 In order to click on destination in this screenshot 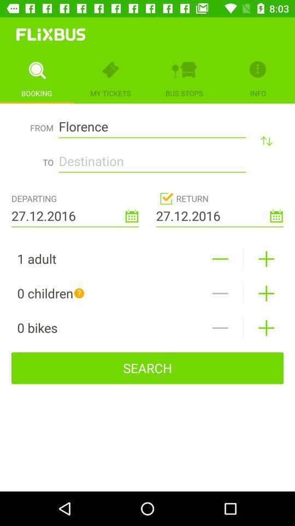, I will do `click(152, 157)`.